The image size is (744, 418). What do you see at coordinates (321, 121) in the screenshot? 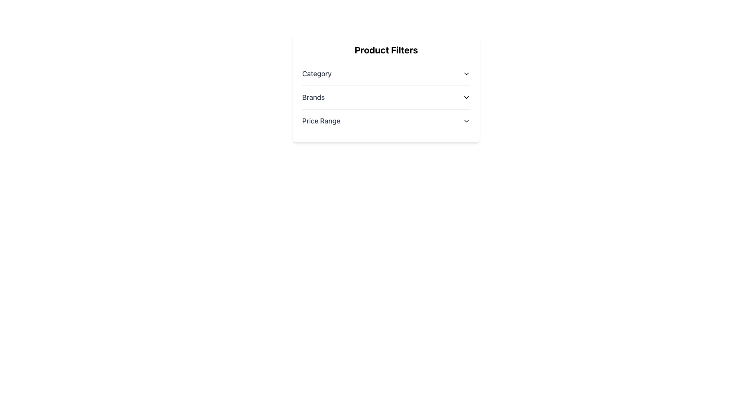
I see `the Text label that serves as a filter option in the product filters list, located to the left of a chevron icon and below 'Category' and 'Brands'` at bounding box center [321, 121].